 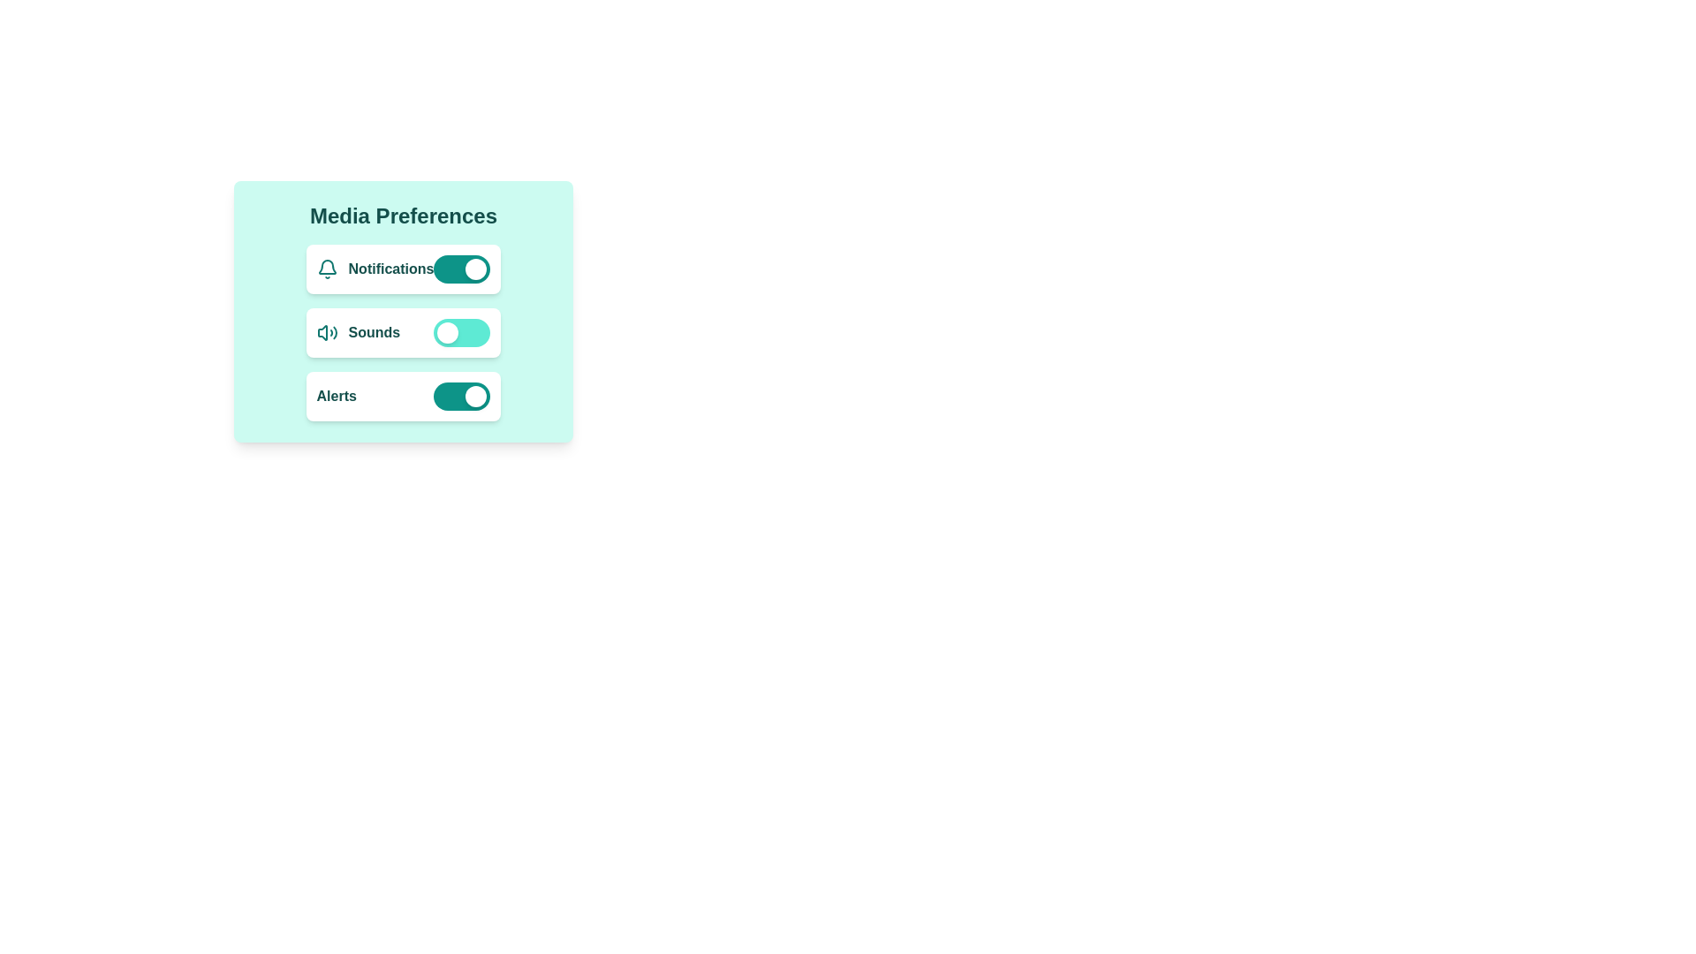 What do you see at coordinates (476, 395) in the screenshot?
I see `the circular toggle knob of the 'Alerts' toggle switch, which is the right-aligned knob within the third toggle switch in a vertically arranged list of toggle switches` at bounding box center [476, 395].